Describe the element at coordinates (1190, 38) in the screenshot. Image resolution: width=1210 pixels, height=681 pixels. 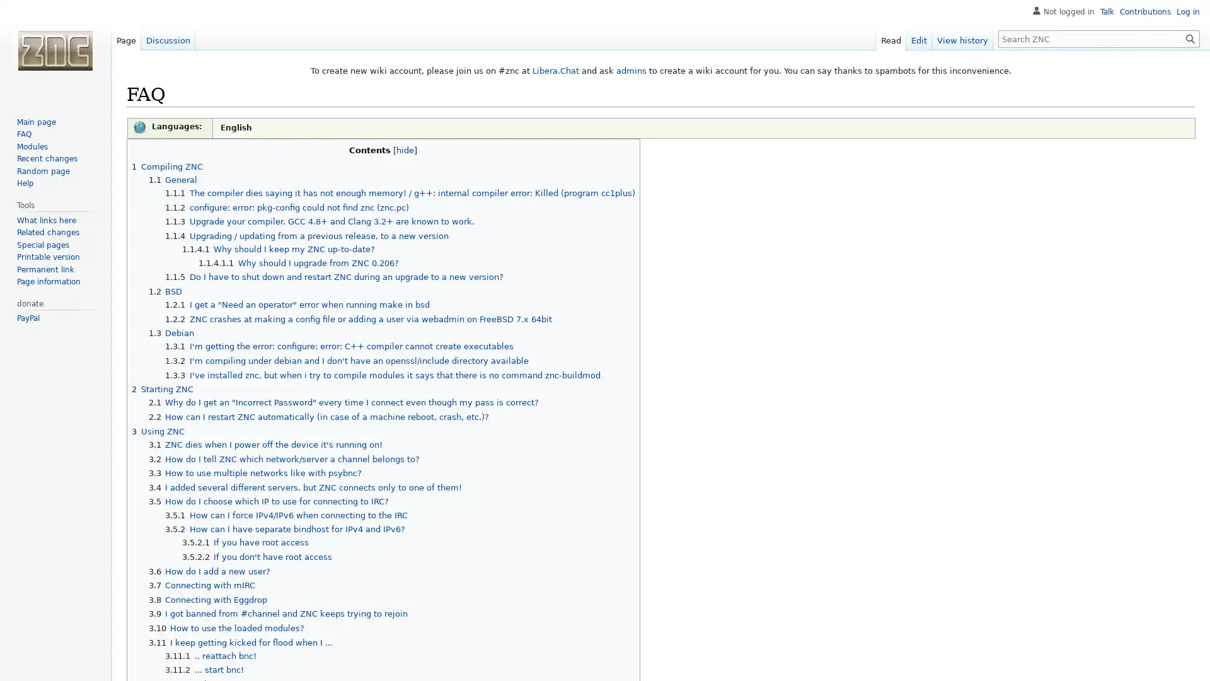
I see `Go` at that location.